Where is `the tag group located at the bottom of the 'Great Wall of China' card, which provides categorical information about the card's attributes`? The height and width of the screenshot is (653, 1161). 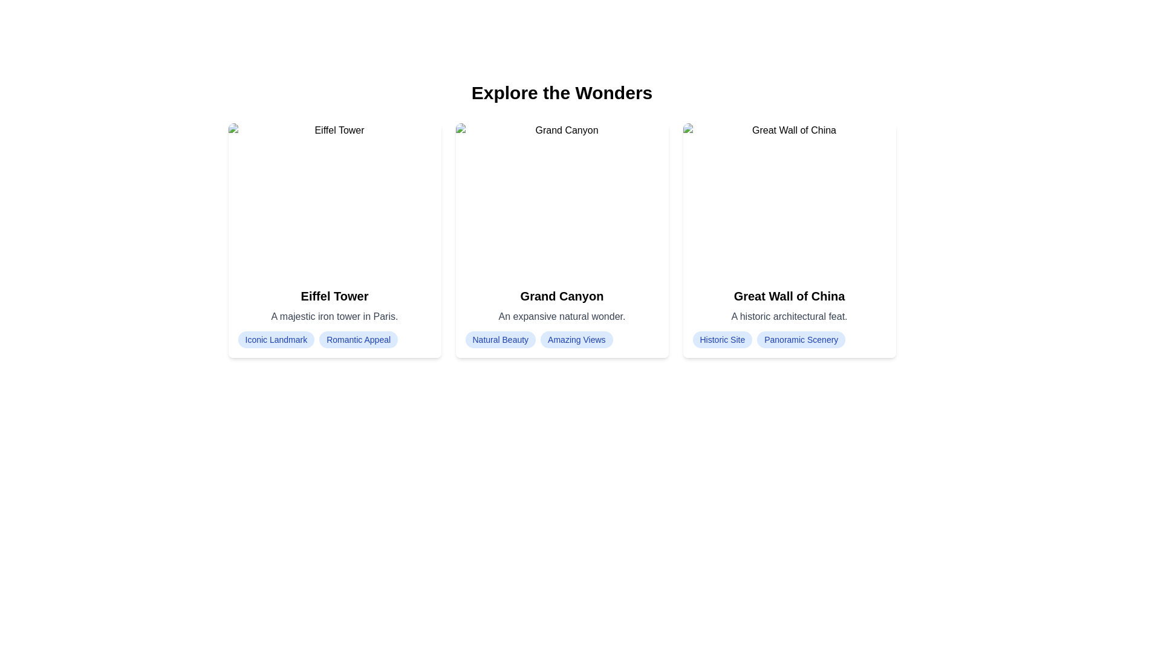
the tag group located at the bottom of the 'Great Wall of China' card, which provides categorical information about the card's attributes is located at coordinates (789, 340).